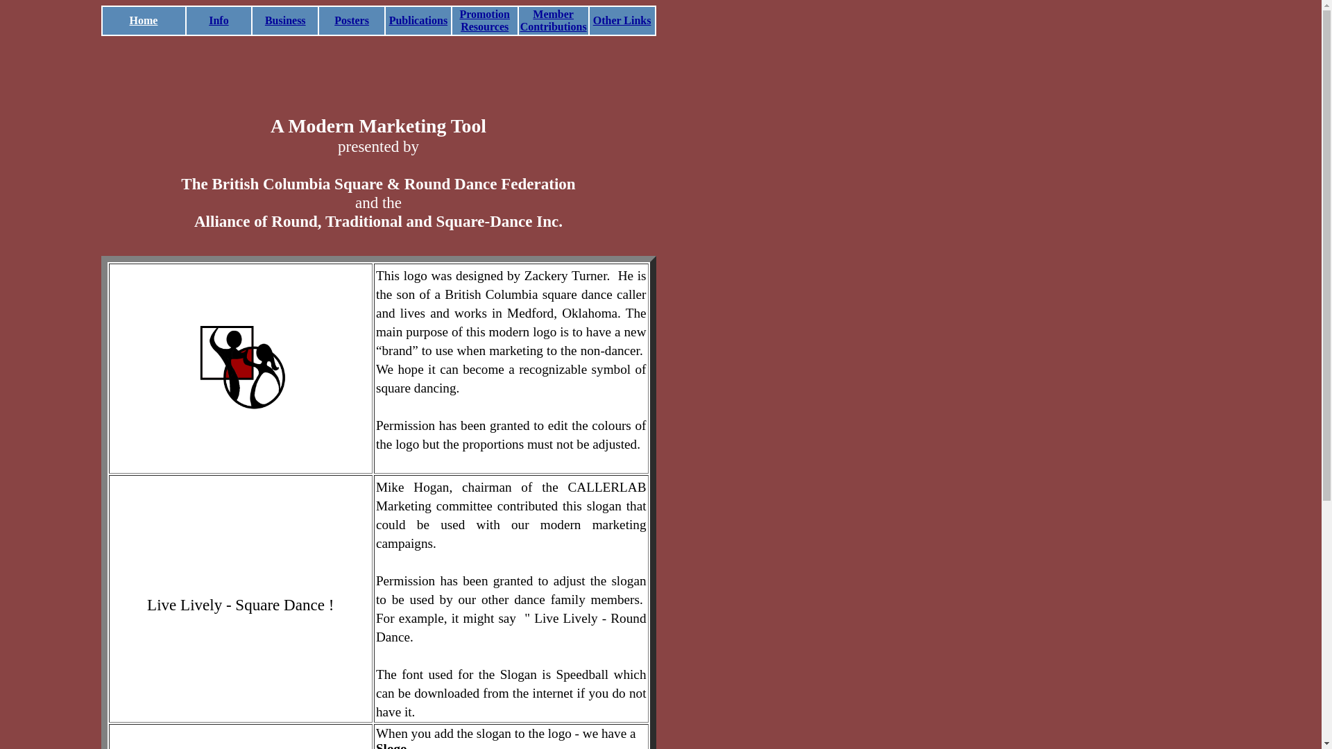 The width and height of the screenshot is (1332, 749). I want to click on 'Posters', so click(352, 20).